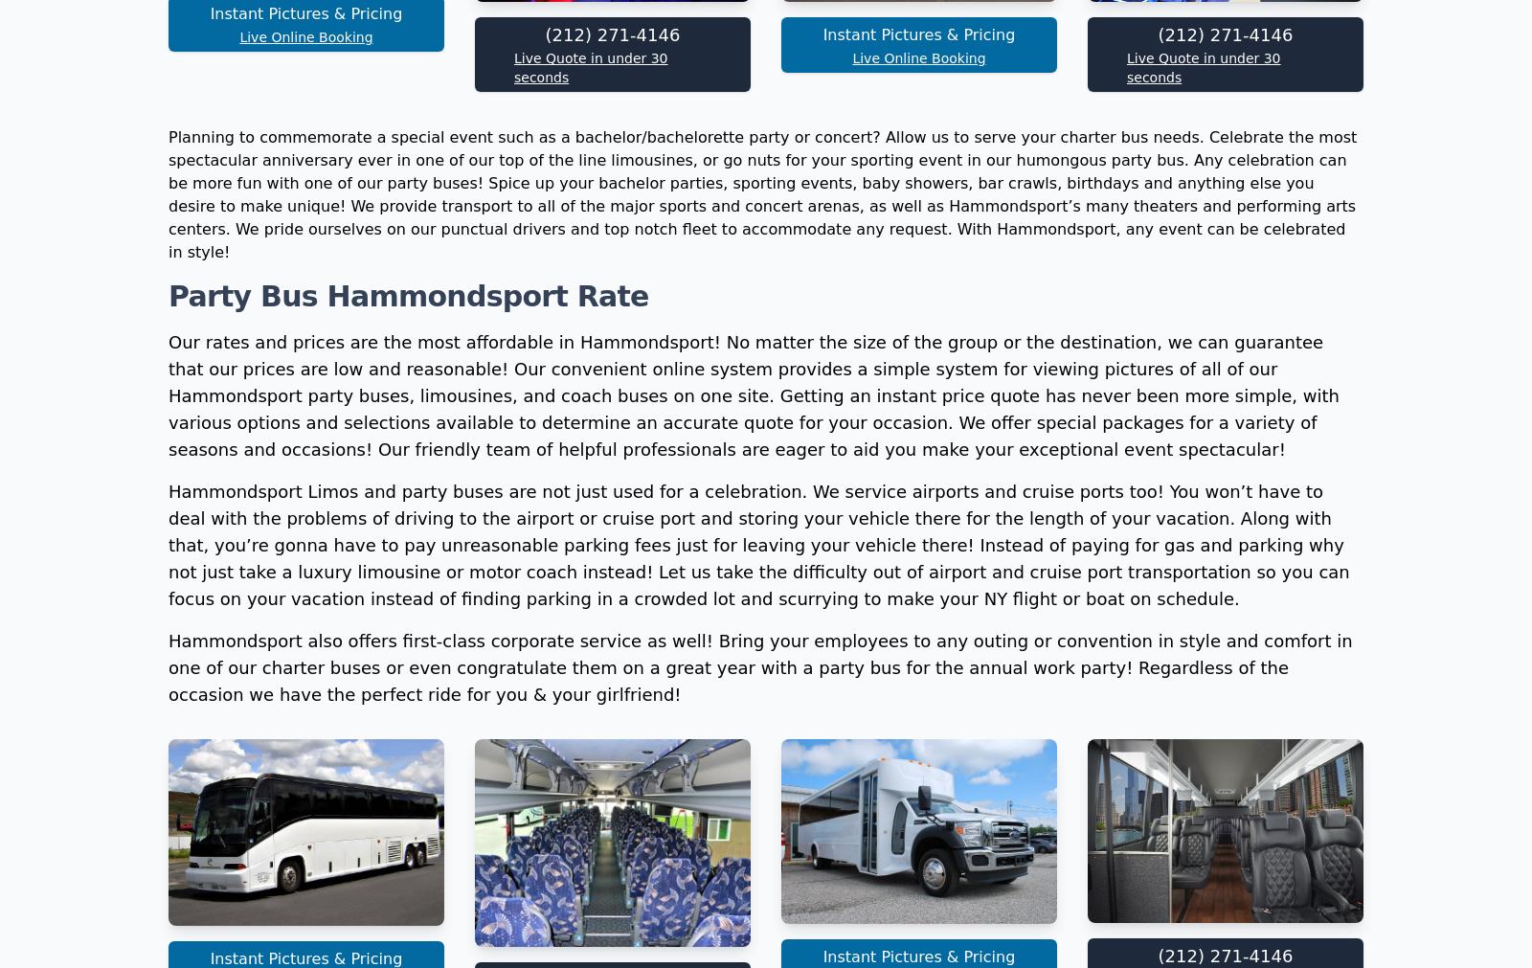  Describe the element at coordinates (168, 650) in the screenshot. I see `'Our rates and prices are the most affordable in Hammondsport! No matter the size of the group or the destination, we can guarantee that our prices are low and reasonable! Our convenient online system provides a simple system for viewing pictures of all of our Hammondsport party buses, limousines, and coach buses on one site. Getting an instant price quote has never been more simple, with various options and selections available to determine an accurate quote for your occasion. We offer special packages for a variety of seasons and occasions! Our friendly team of helpful professionals are eager to aid you make your exceptional event spectacular!'` at that location.